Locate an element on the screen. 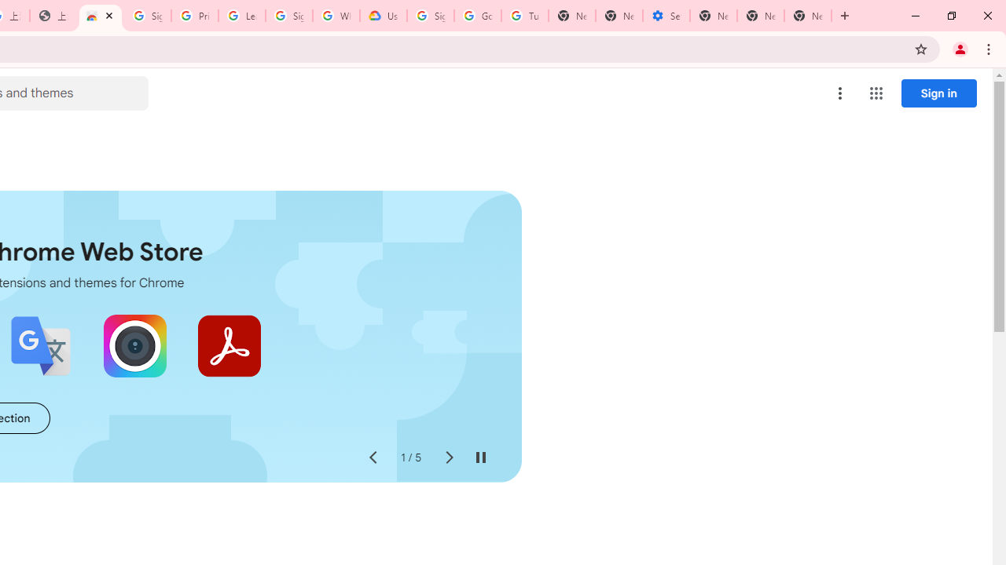 This screenshot has width=1006, height=565. 'Pause auto-play' is located at coordinates (479, 457).